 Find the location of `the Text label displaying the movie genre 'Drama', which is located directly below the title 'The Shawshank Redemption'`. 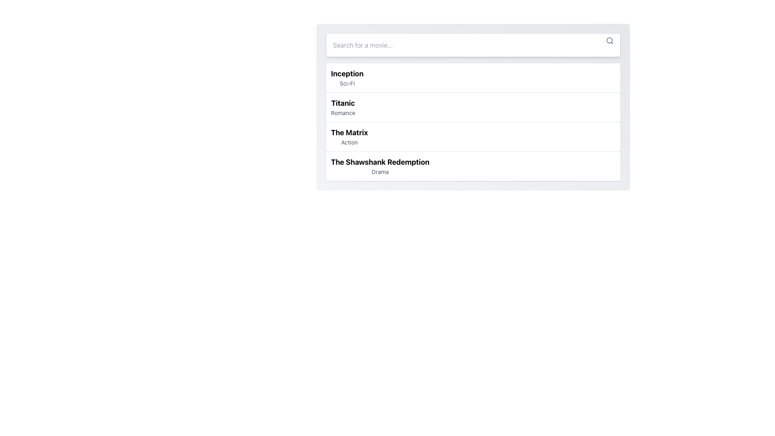

the Text label displaying the movie genre 'Drama', which is located directly below the title 'The Shawshank Redemption' is located at coordinates (379, 171).